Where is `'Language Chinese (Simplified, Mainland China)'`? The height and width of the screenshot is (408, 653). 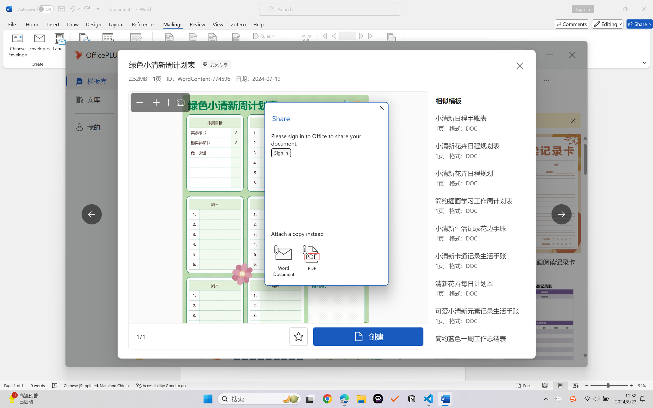
'Language Chinese (Simplified, Mainland China)' is located at coordinates (96, 385).